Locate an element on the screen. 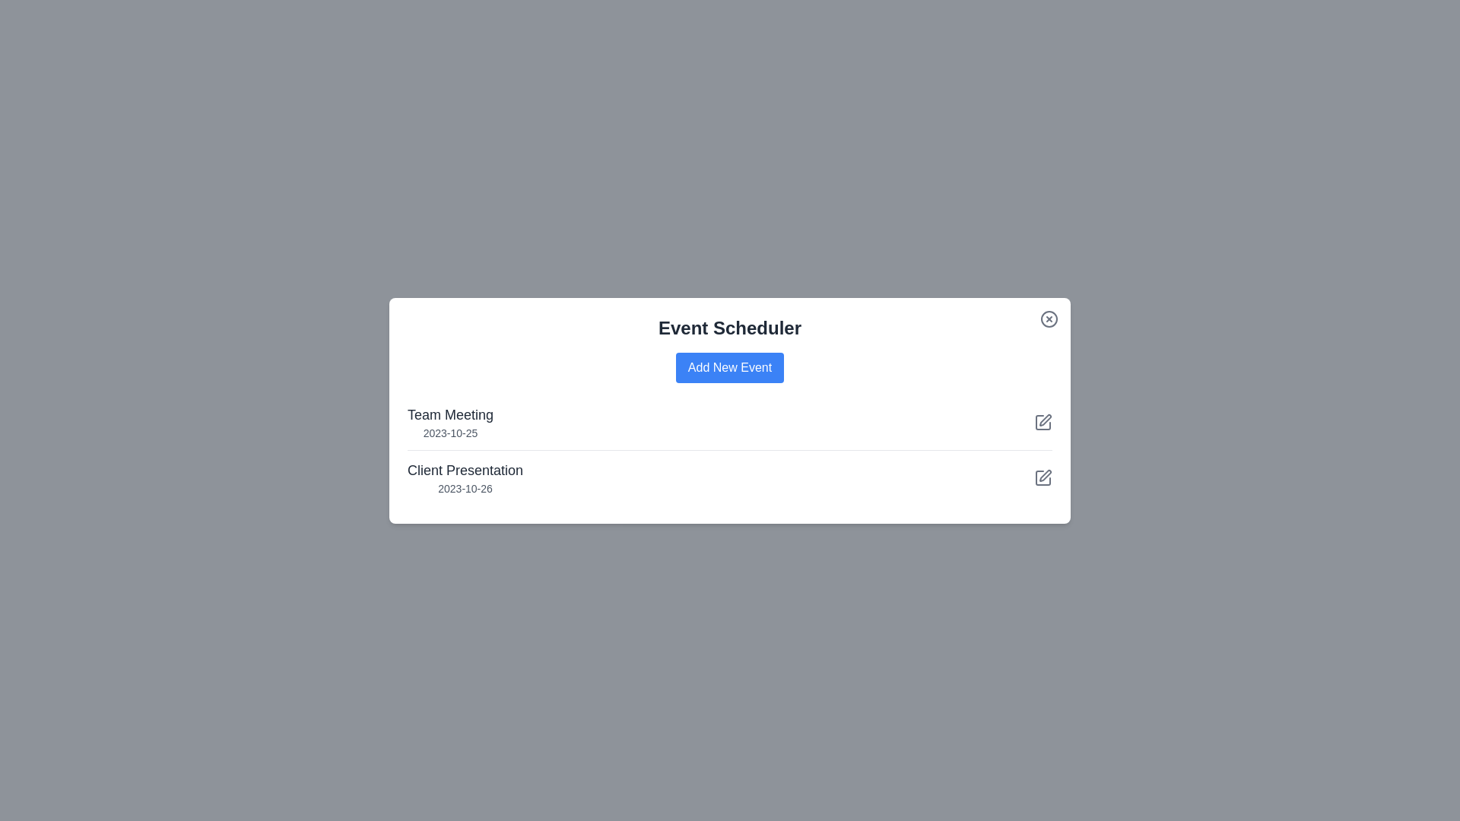  the pen icon button located in the second row of the event list for the 'Client Presentation' event on 2023-10-26 to change its color to green is located at coordinates (1043, 422).